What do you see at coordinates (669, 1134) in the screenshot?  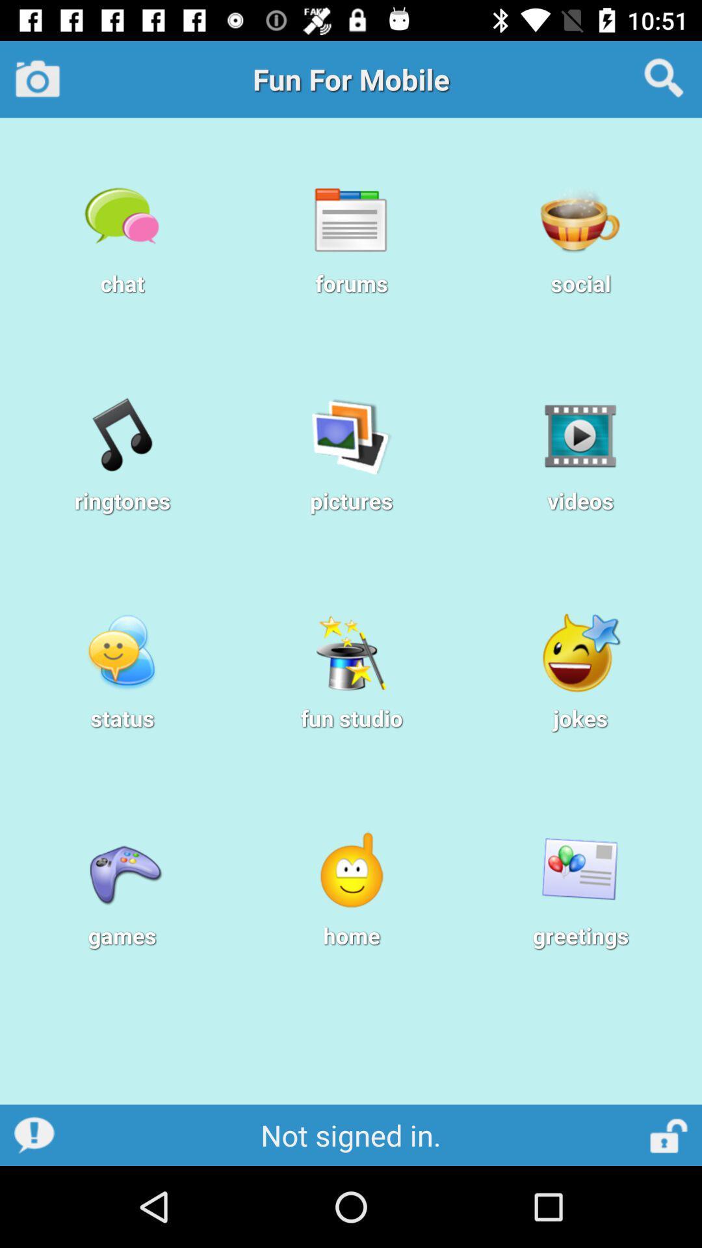 I see `page not secure` at bounding box center [669, 1134].